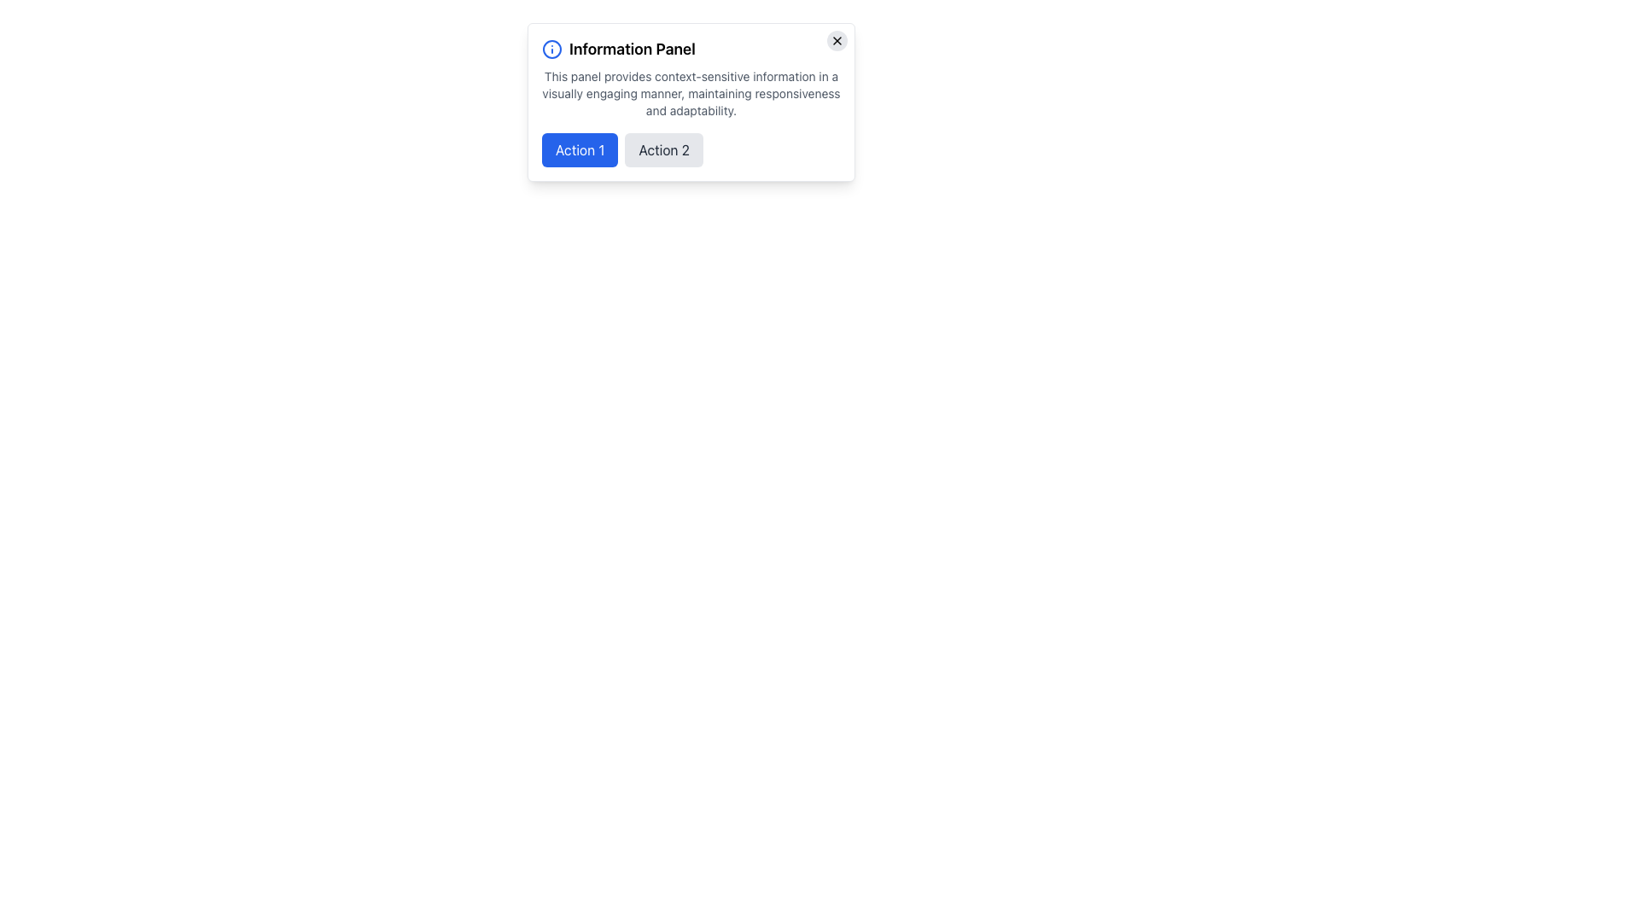 The width and height of the screenshot is (1639, 922). What do you see at coordinates (837, 39) in the screenshot?
I see `the close button represented by an 'X' icon located in the top-right corner of the informational panel` at bounding box center [837, 39].